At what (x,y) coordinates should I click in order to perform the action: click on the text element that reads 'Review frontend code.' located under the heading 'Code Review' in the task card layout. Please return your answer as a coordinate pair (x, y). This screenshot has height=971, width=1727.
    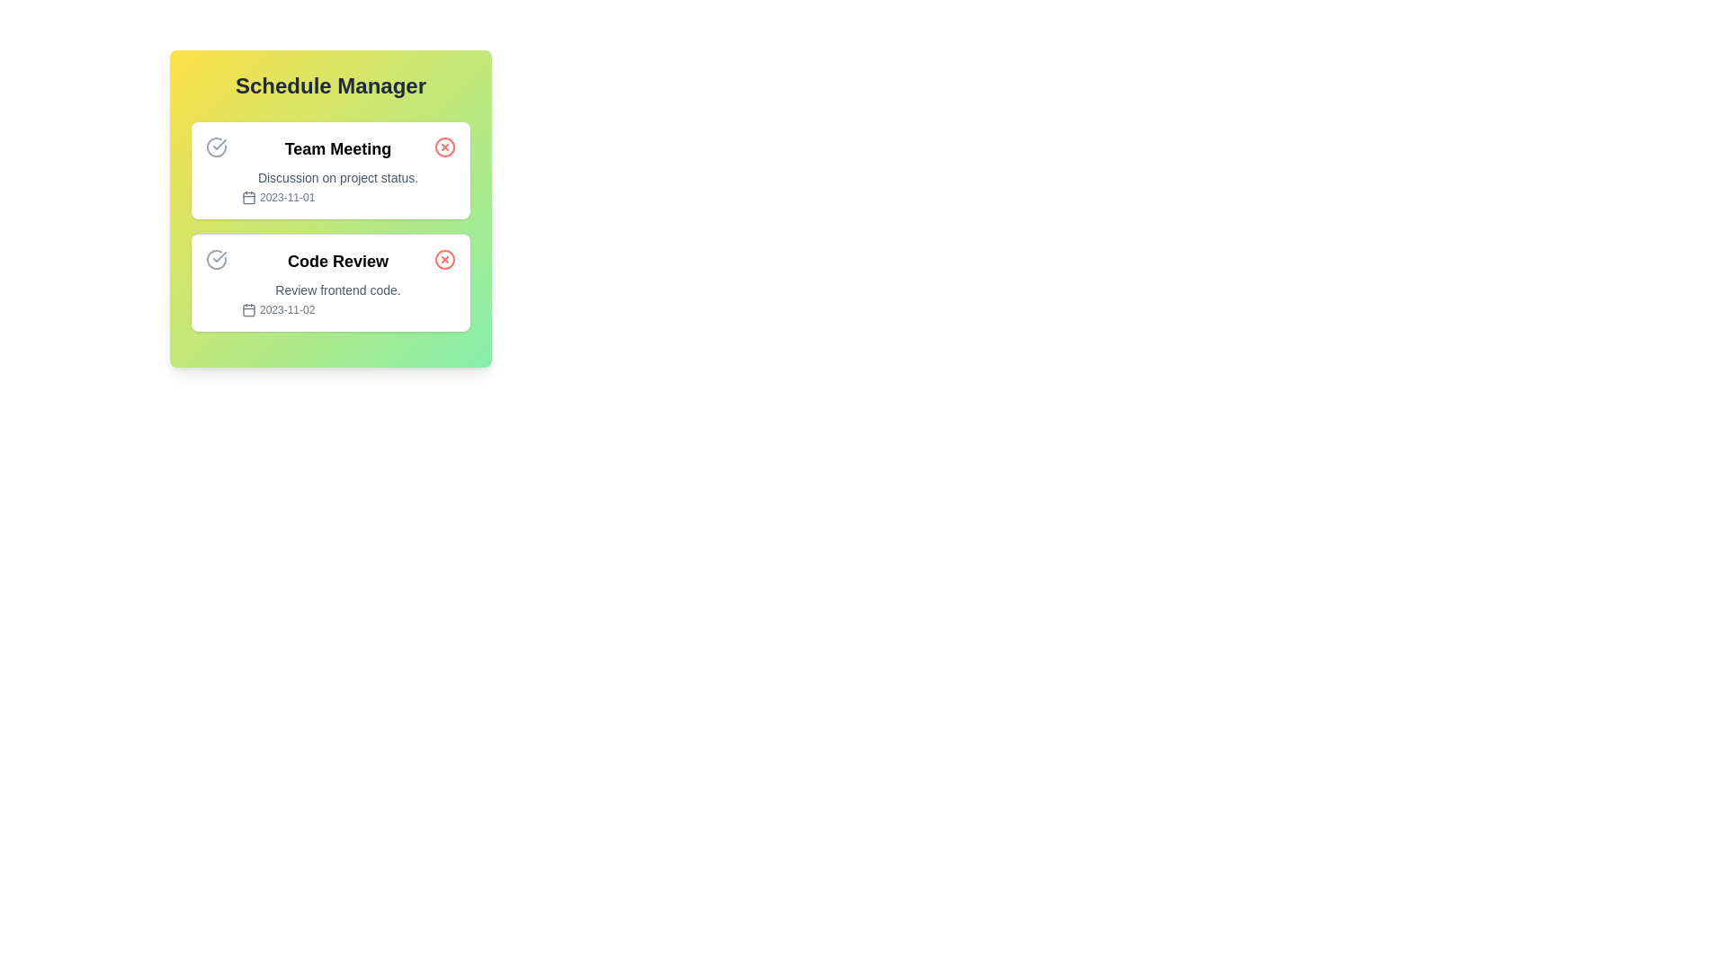
    Looking at the image, I should click on (337, 290).